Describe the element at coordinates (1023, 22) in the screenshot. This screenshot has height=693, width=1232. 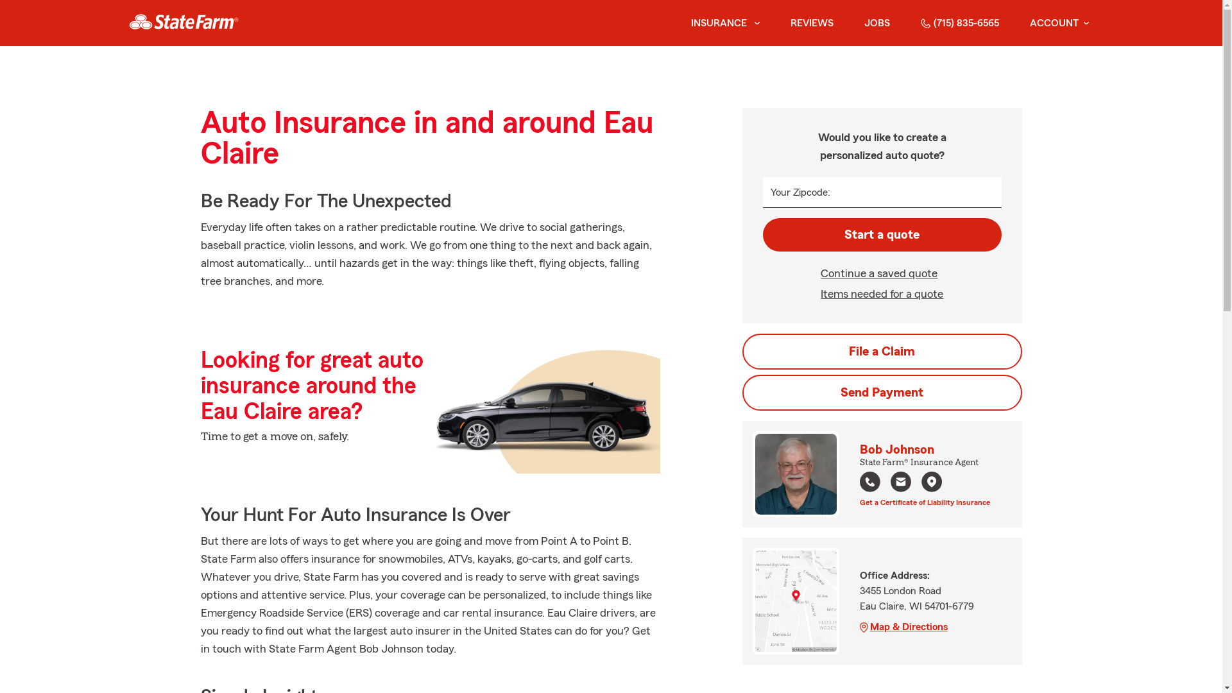
I see `'ACCOUNT'` at that location.